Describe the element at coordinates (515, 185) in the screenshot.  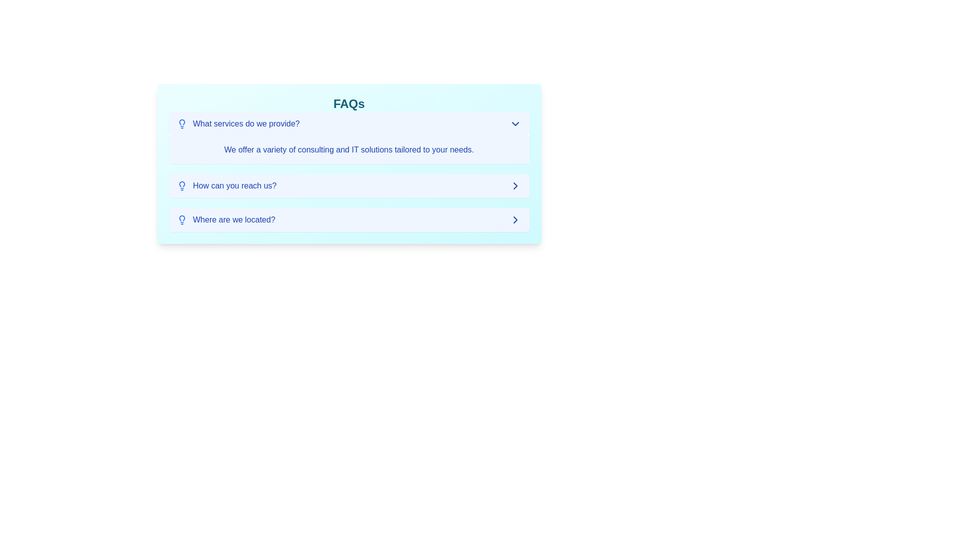
I see `the chevron-right icon in the FAQ section under the question 'How can you reach us?'` at that location.